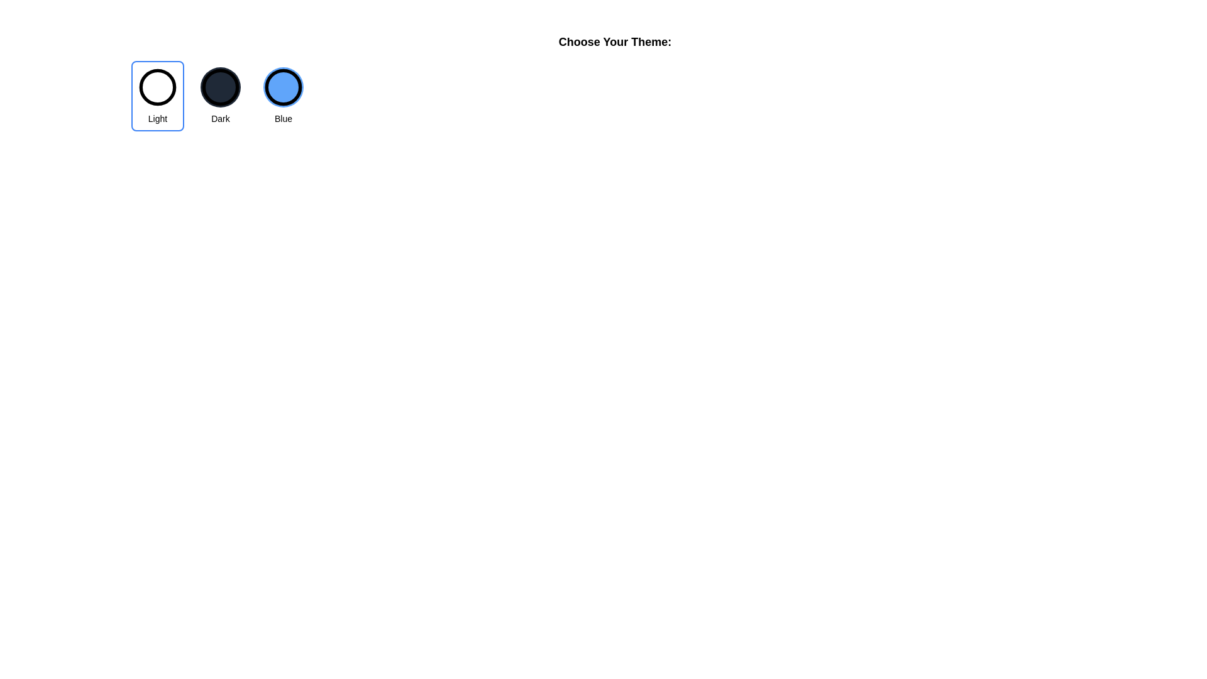  I want to click on the static text description that indicates the blue theme choice, which is the third label below the blue-themed circular button, so click(283, 119).